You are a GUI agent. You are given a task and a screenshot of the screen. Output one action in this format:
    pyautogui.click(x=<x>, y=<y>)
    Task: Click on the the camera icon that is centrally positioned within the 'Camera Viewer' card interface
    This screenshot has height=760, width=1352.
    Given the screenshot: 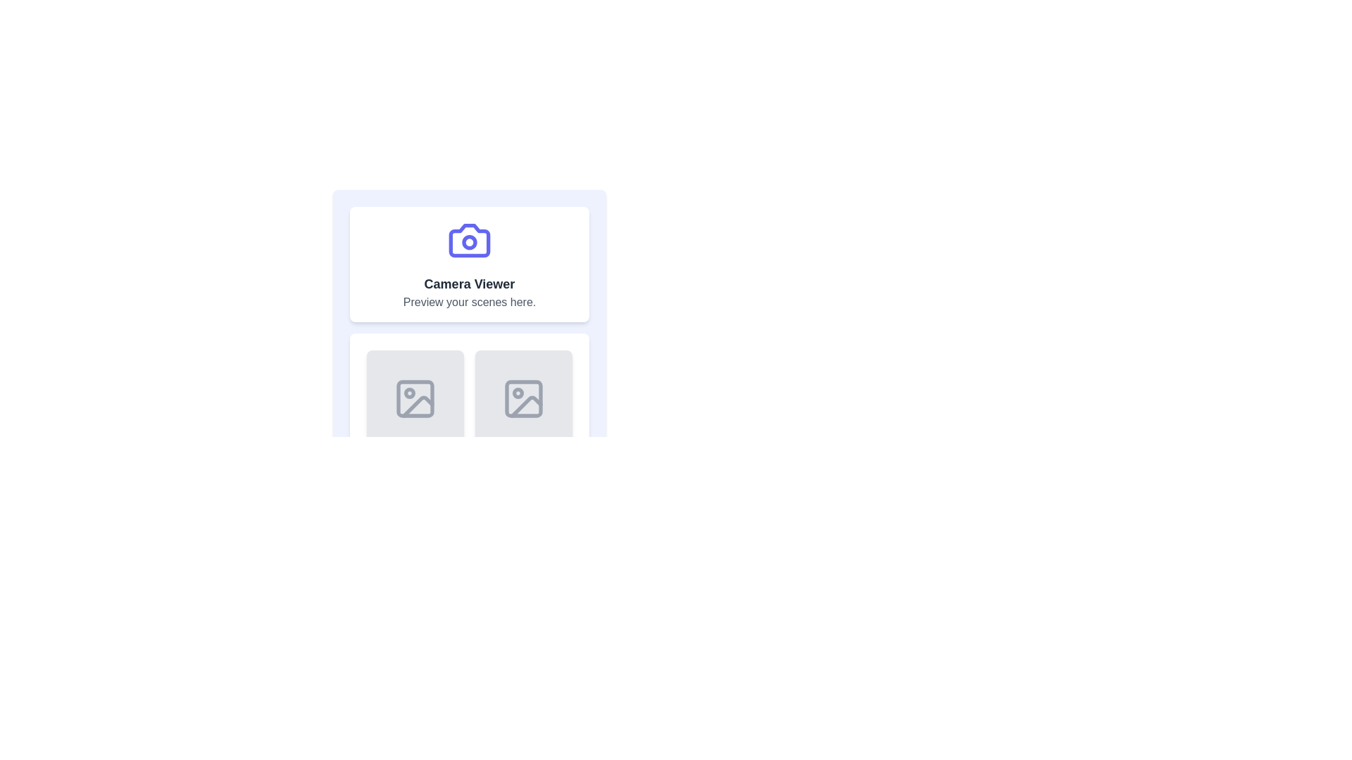 What is the action you would take?
    pyautogui.click(x=470, y=240)
    